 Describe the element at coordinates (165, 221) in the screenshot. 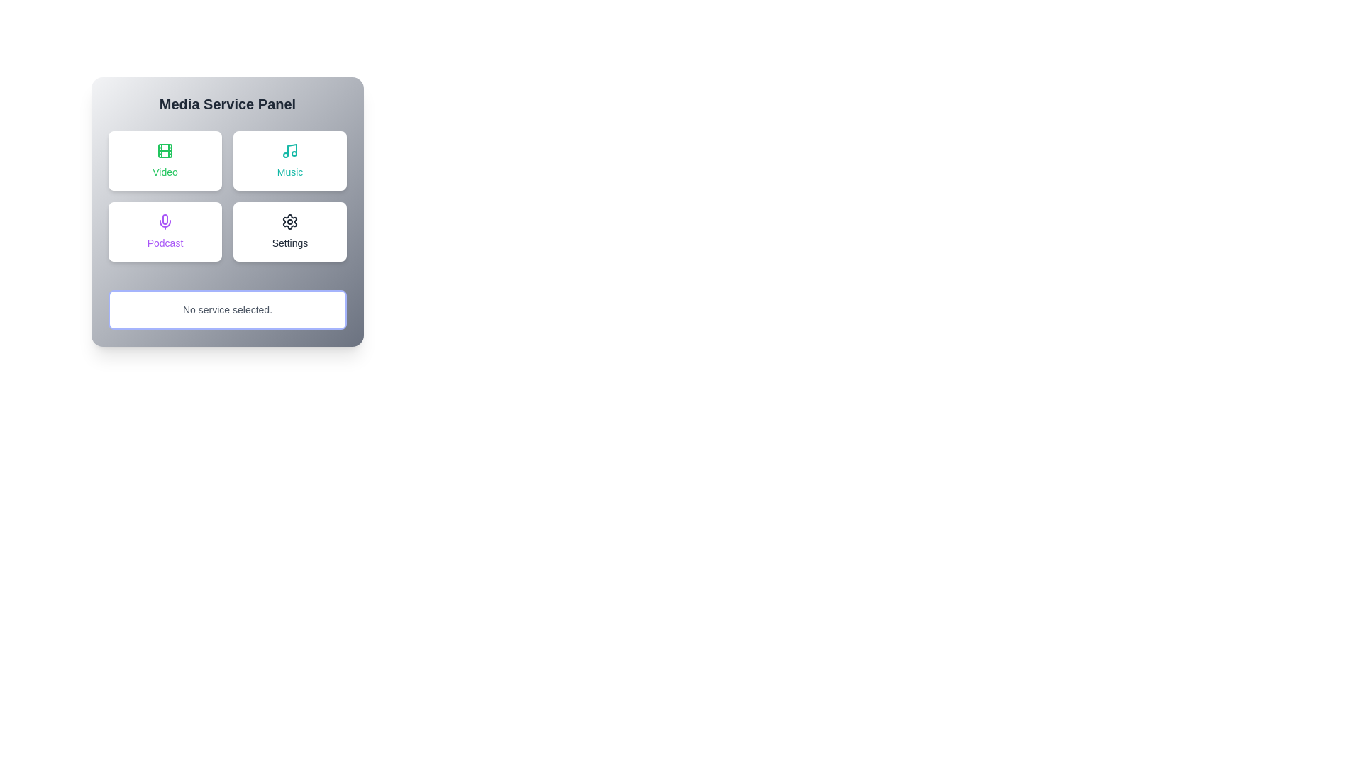

I see `the microphone icon, which is purple and outlined, located in the second item of the second row in a grid layout` at that location.